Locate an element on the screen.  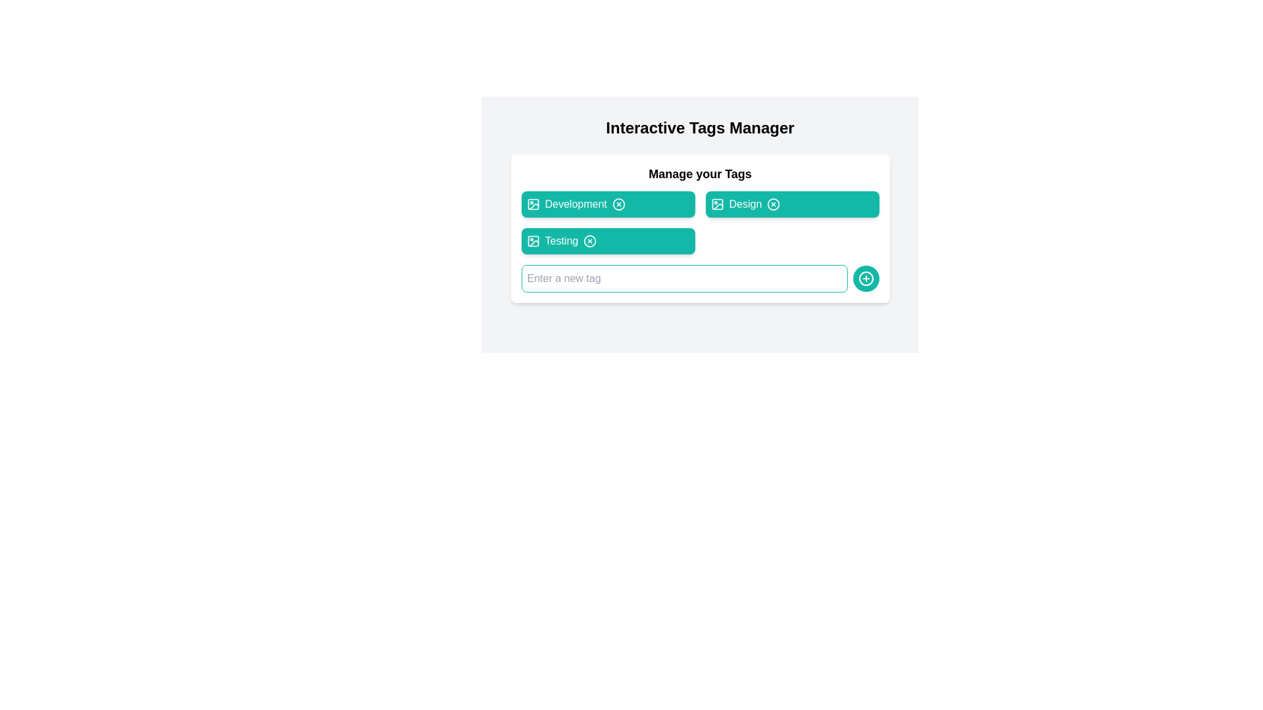
the appearance of the SVG circle shape located within the 'Design' tag component, which is represented by a circular graphic with a 10-unit radius and an 'X' mark on the right is located at coordinates (774, 204).